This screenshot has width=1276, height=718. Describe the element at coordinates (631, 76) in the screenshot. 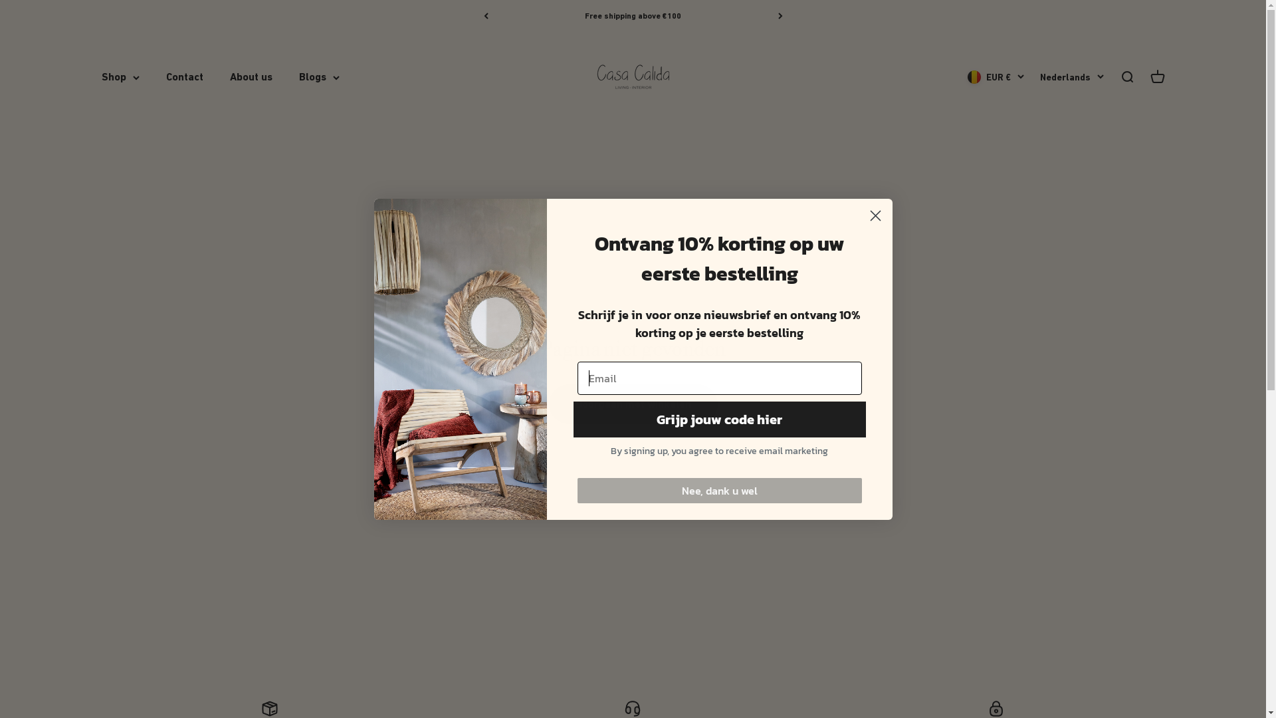

I see `'Casa Calida Interior'` at that location.